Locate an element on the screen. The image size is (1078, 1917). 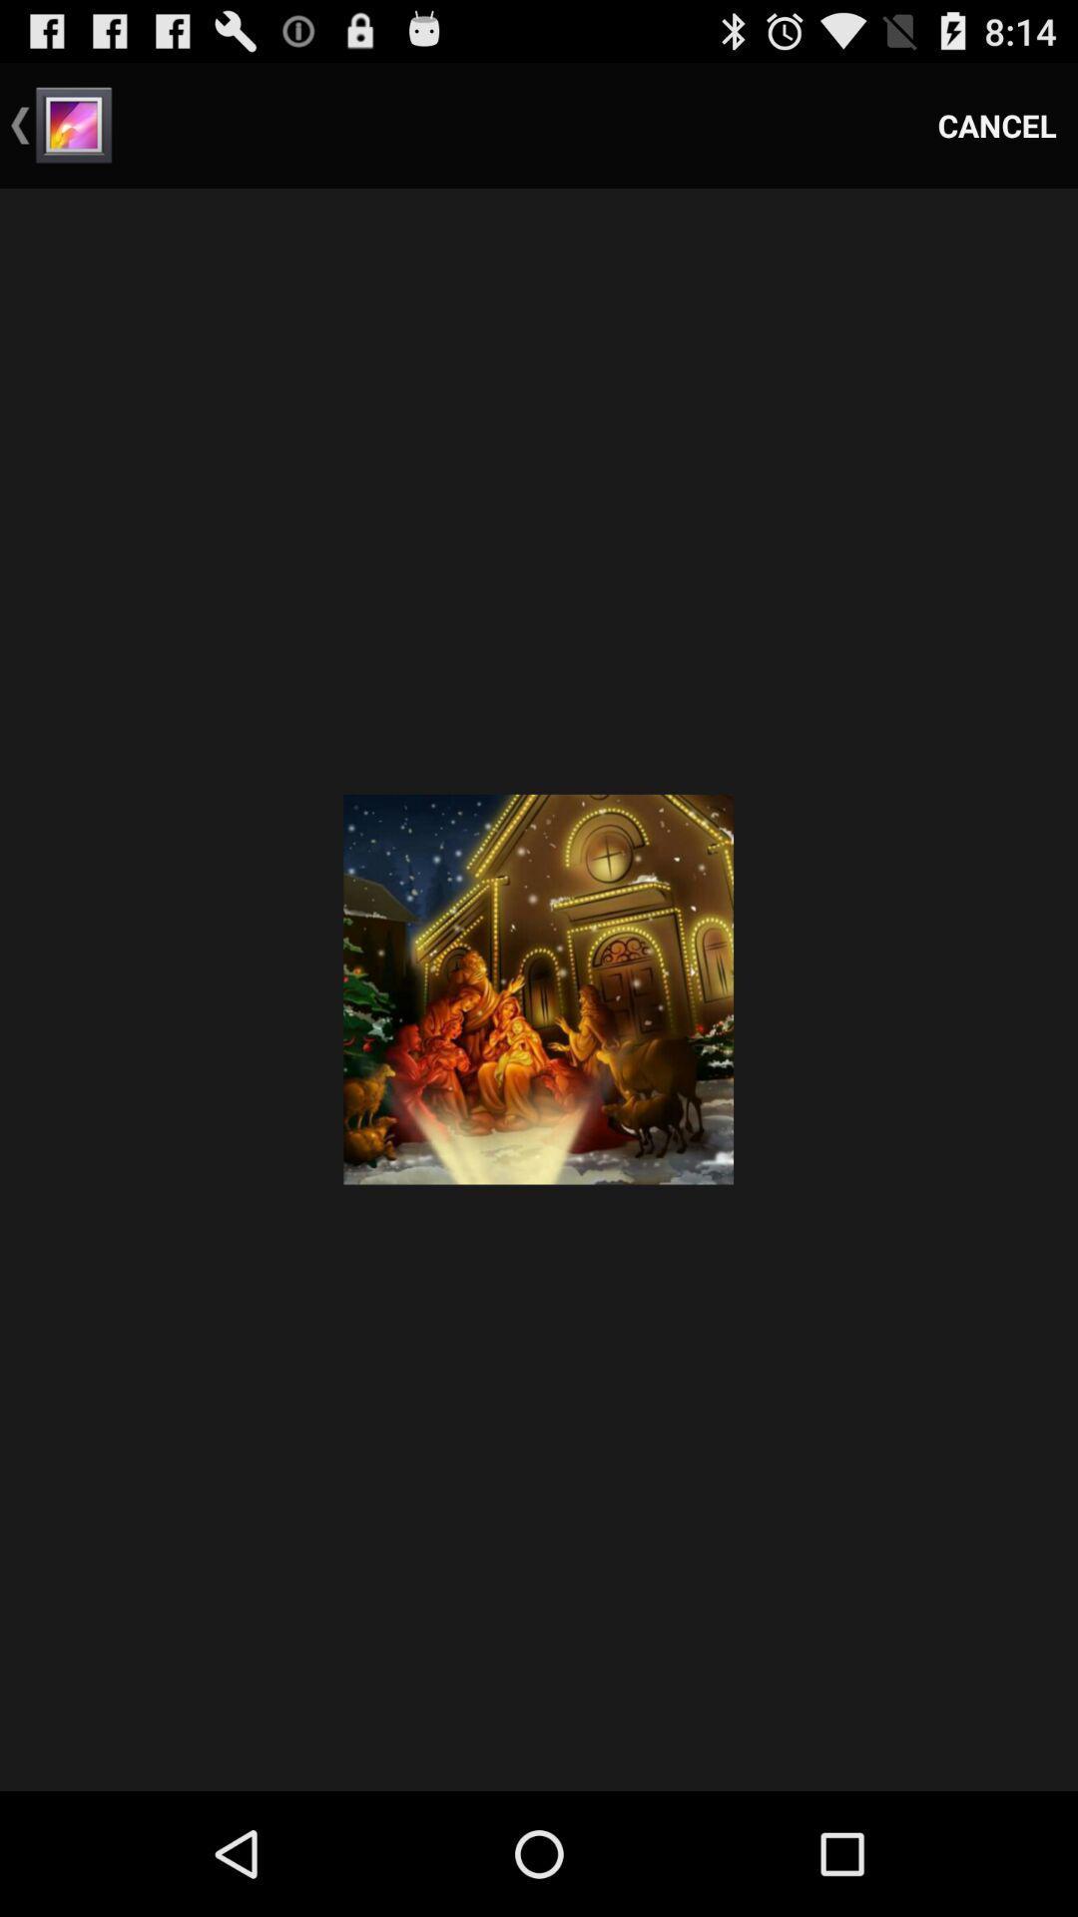
the icon at the top right corner is located at coordinates (997, 124).